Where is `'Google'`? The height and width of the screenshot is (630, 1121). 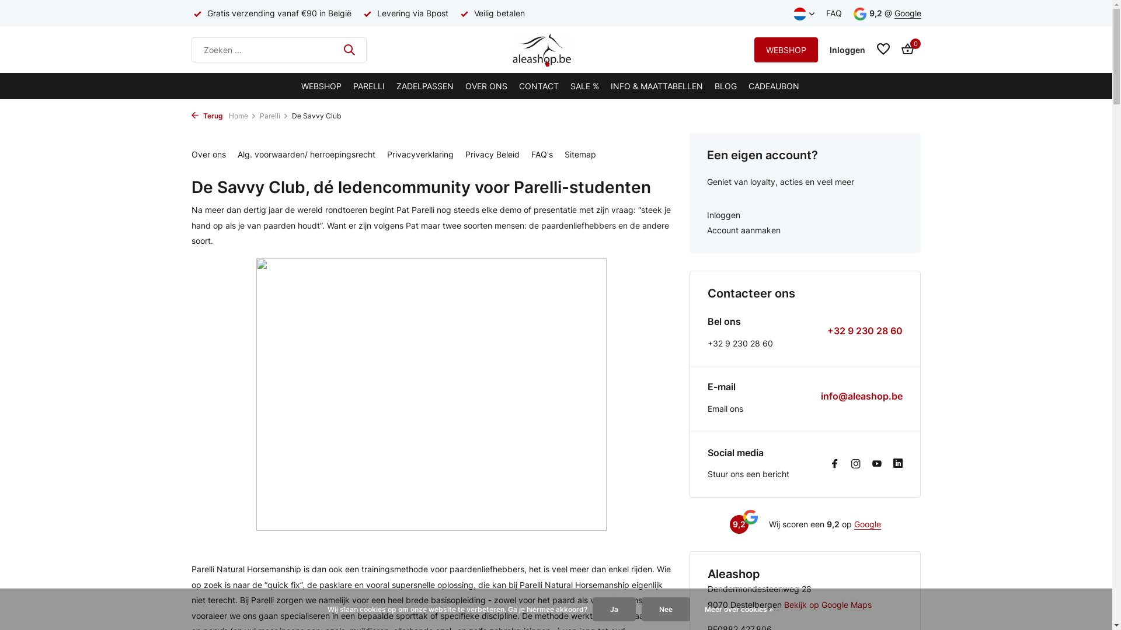 'Google' is located at coordinates (868, 523).